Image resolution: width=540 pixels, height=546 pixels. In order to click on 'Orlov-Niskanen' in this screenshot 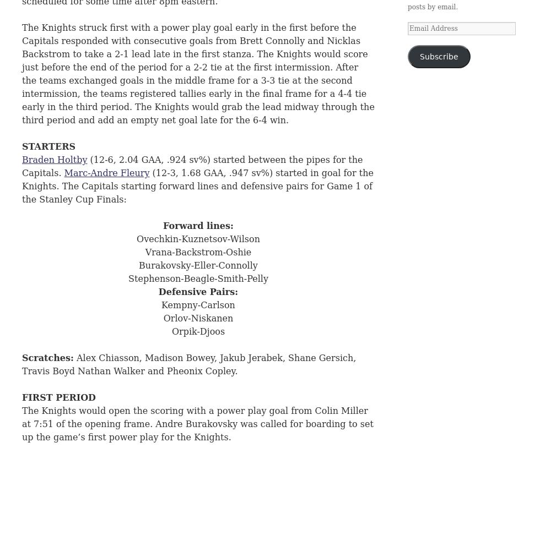, I will do `click(198, 318)`.